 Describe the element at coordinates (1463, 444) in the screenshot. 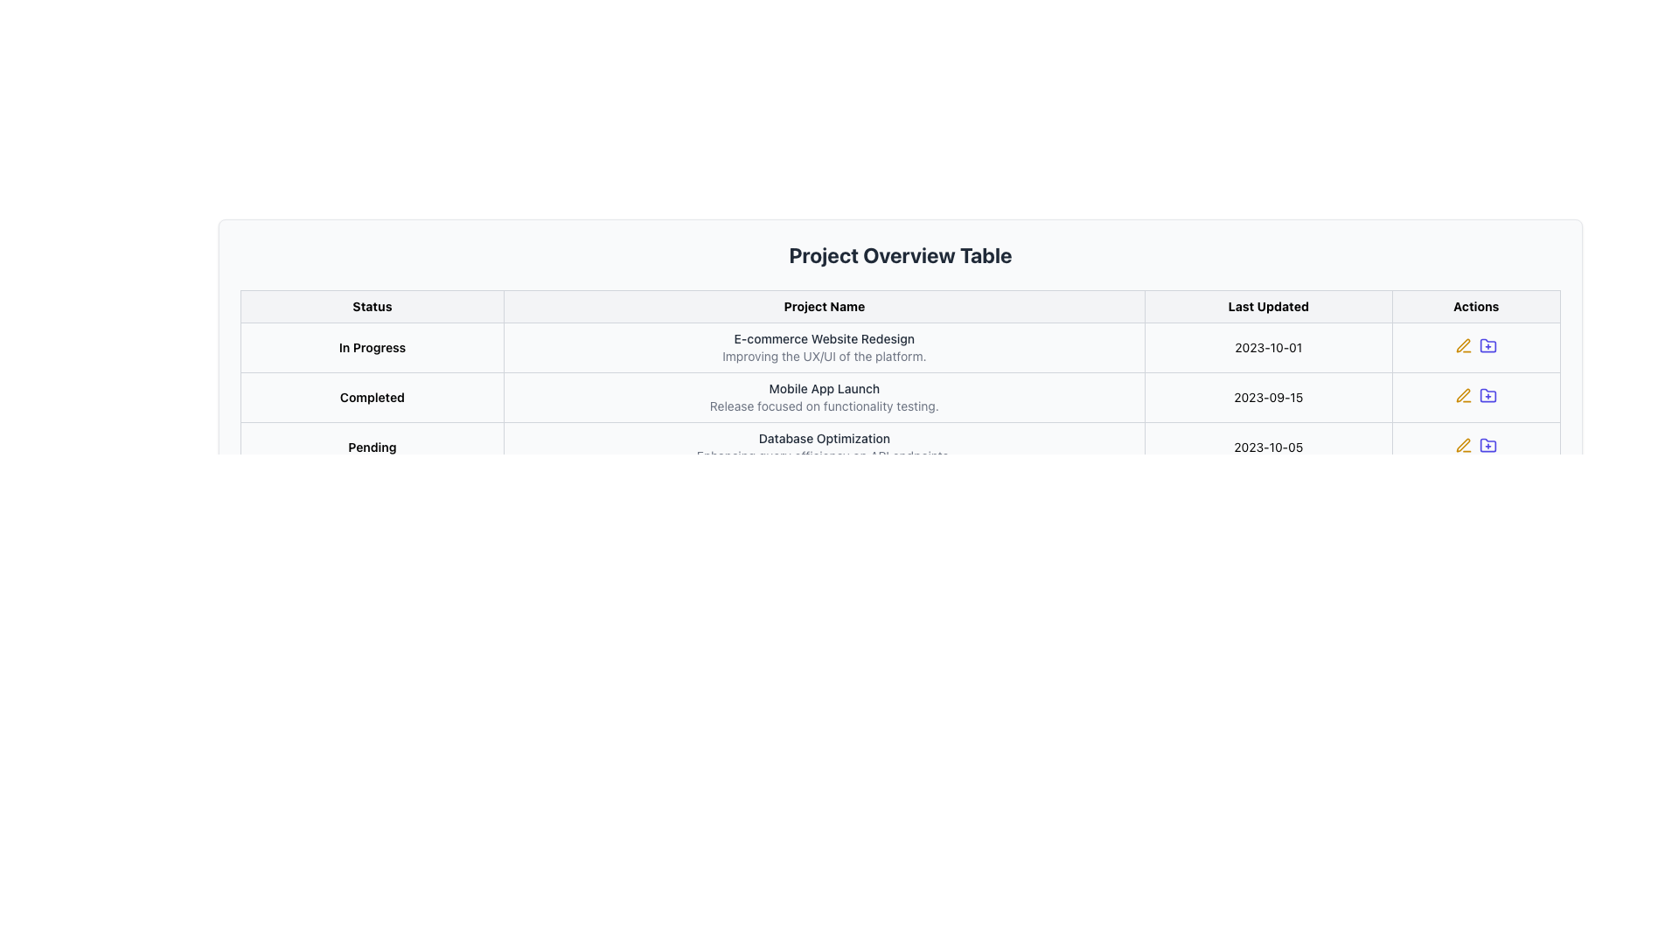

I see `the left-most action icon in the 'Actions' column of the 'Project Overview Table'` at that location.